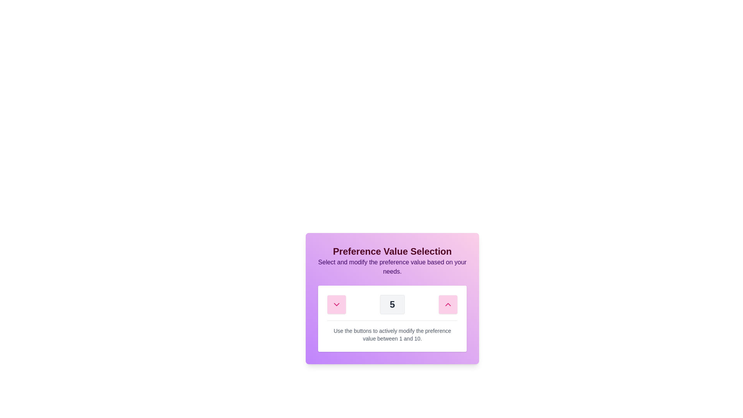 This screenshot has height=418, width=743. Describe the element at coordinates (336, 304) in the screenshot. I see `the decrement button located on the leftmost side of the component group to change its background color` at that location.